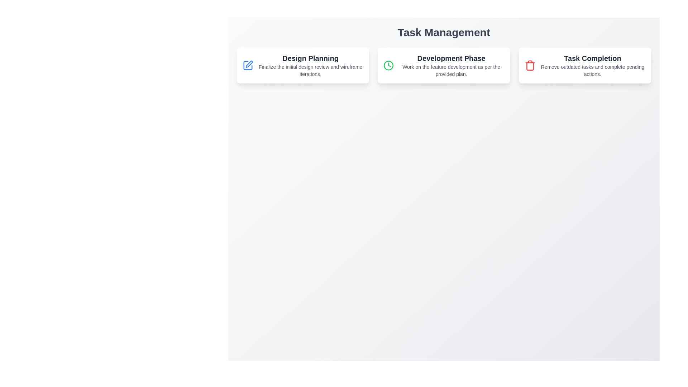 Image resolution: width=688 pixels, height=387 pixels. What do you see at coordinates (310, 65) in the screenshot?
I see `text displayed in the 'Design Planning' section of the Task Management interface, which is the first section among three horizontally aligned sections` at bounding box center [310, 65].